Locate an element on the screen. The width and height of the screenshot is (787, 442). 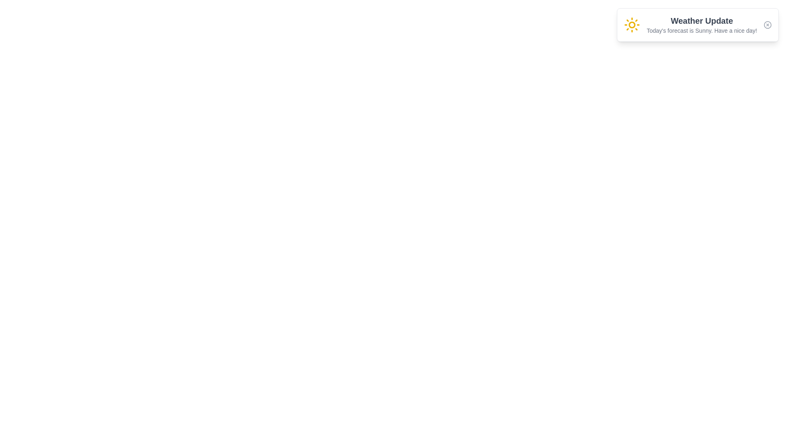
the central circular component of the close (dismiss) button in the weather update notification panel, which is represented as a vector graphic circle is located at coordinates (767, 25).